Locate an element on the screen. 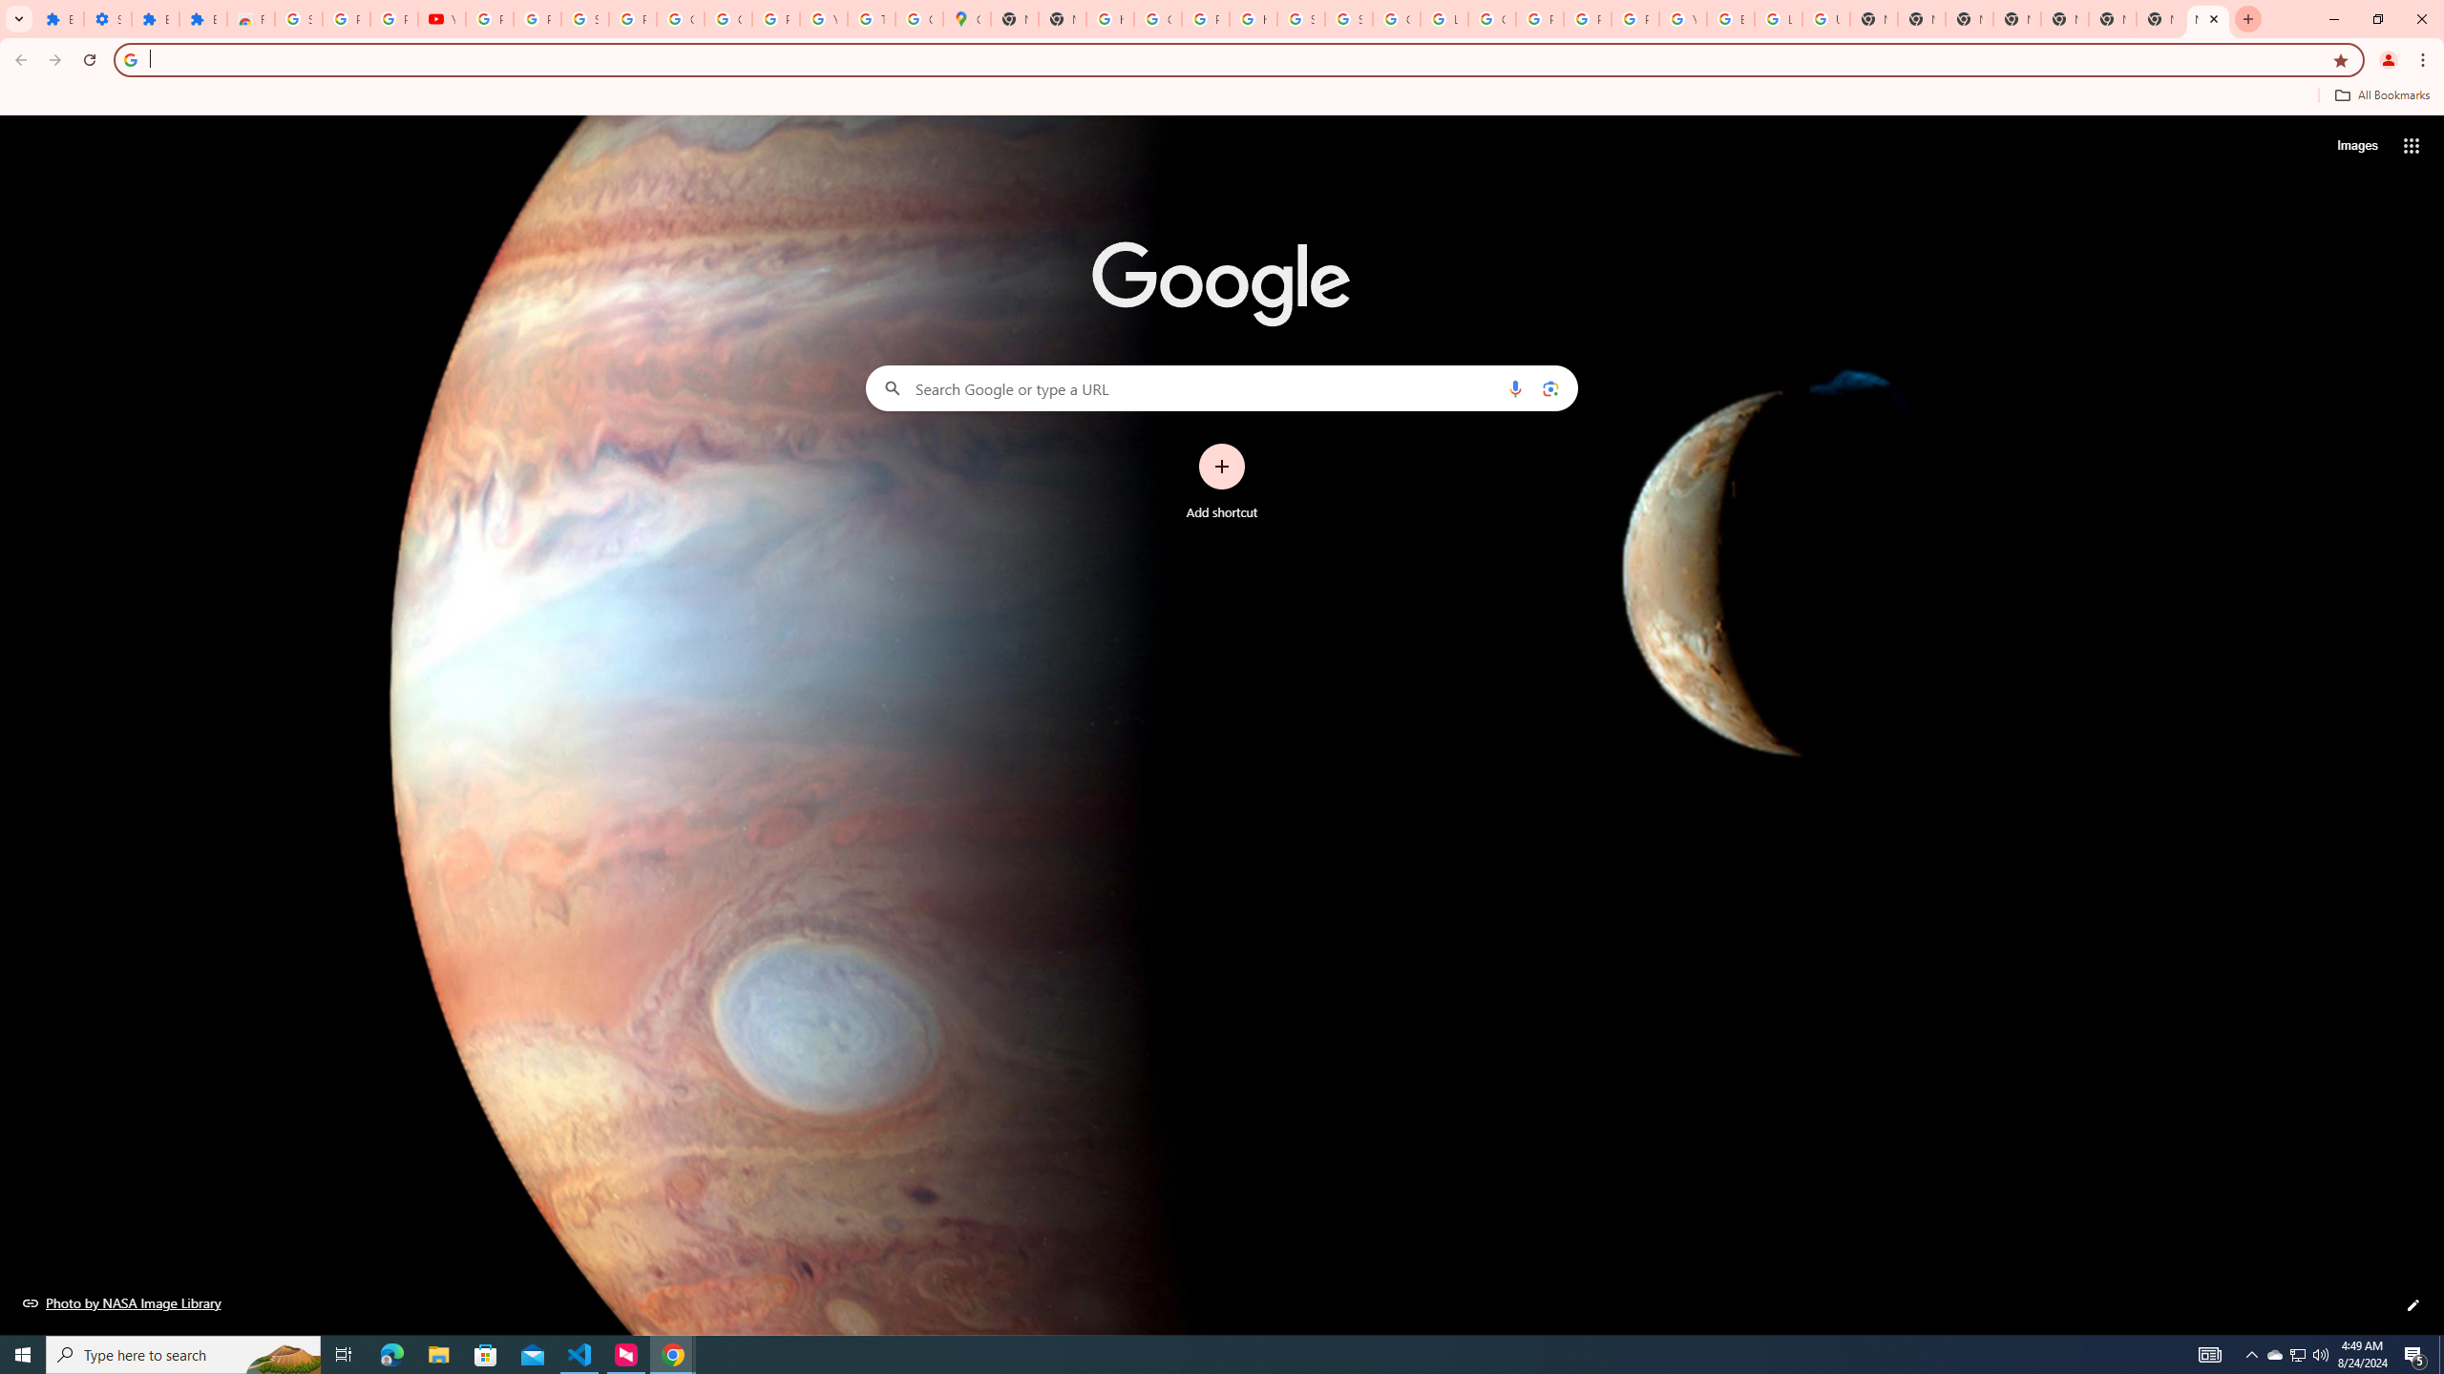 Image resolution: width=2444 pixels, height=1374 pixels. 'New Tab' is located at coordinates (2206, 18).